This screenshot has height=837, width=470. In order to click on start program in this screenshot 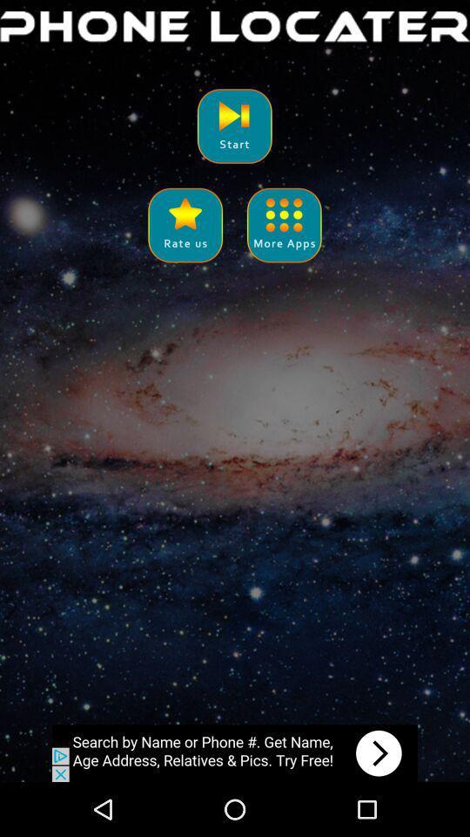, I will do `click(234, 125)`.